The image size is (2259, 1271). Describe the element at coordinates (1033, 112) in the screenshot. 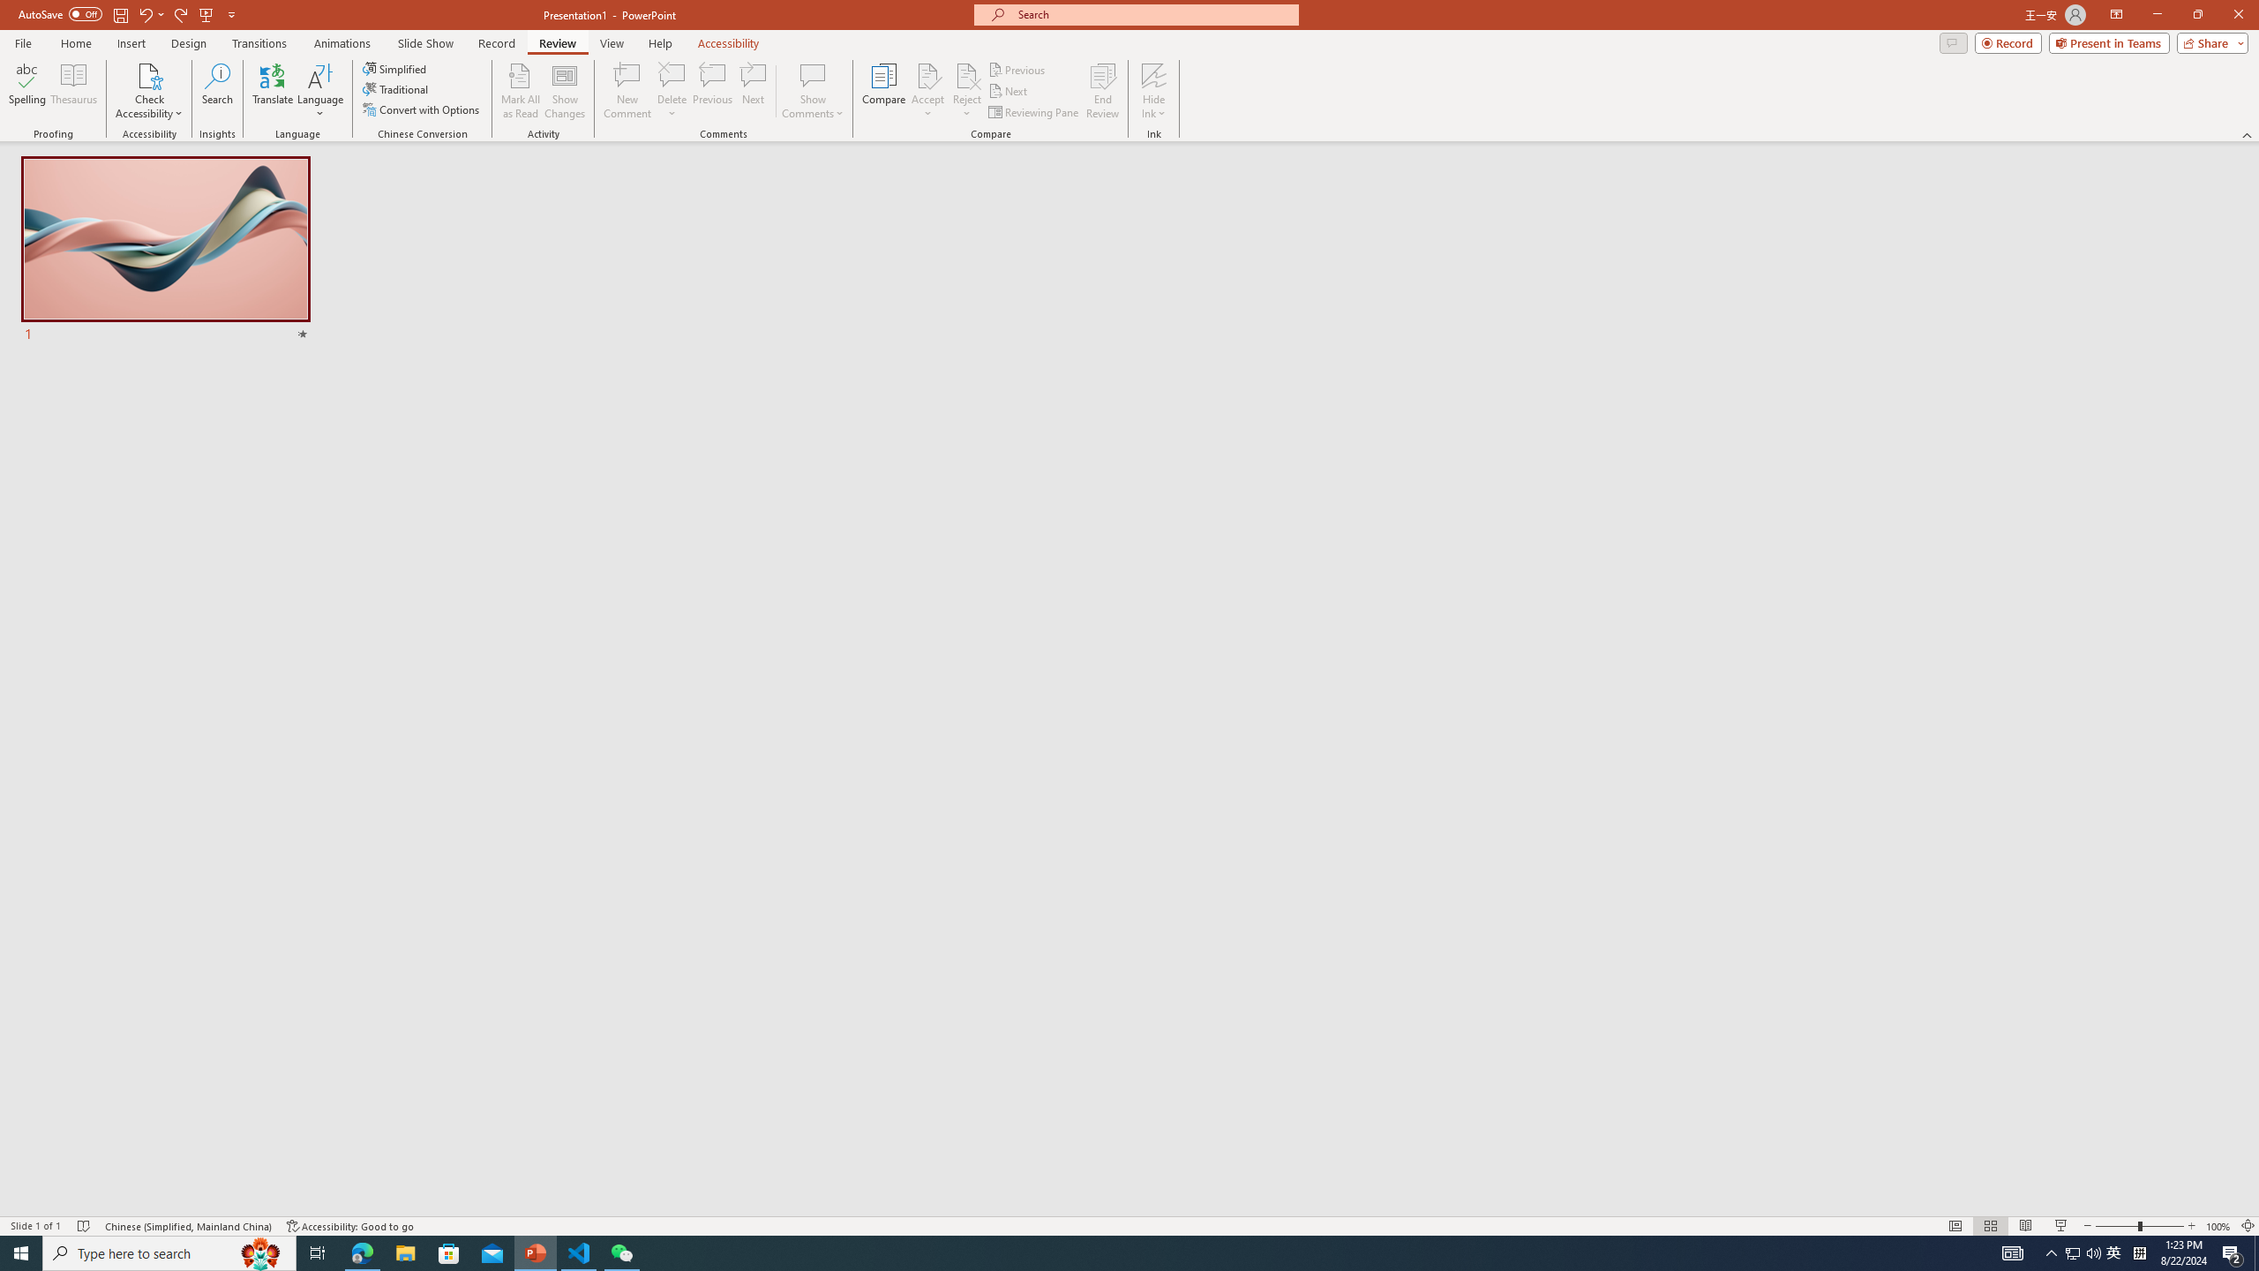

I see `'Reviewing Pane'` at that location.